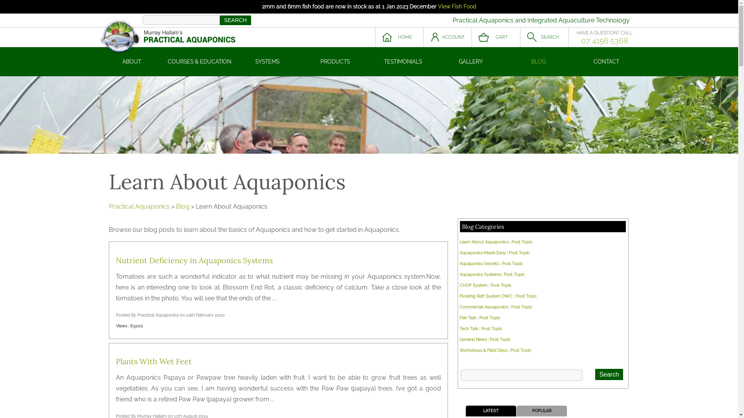  Describe the element at coordinates (473, 285) in the screenshot. I see `'CHOP System'` at that location.